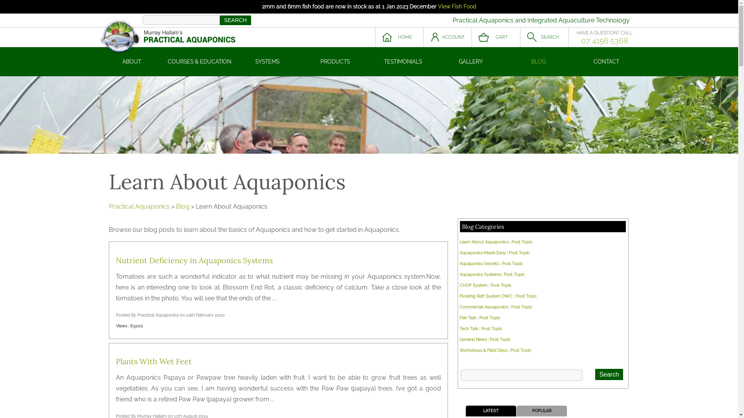  Describe the element at coordinates (473, 285) in the screenshot. I see `'CHOP System'` at that location.